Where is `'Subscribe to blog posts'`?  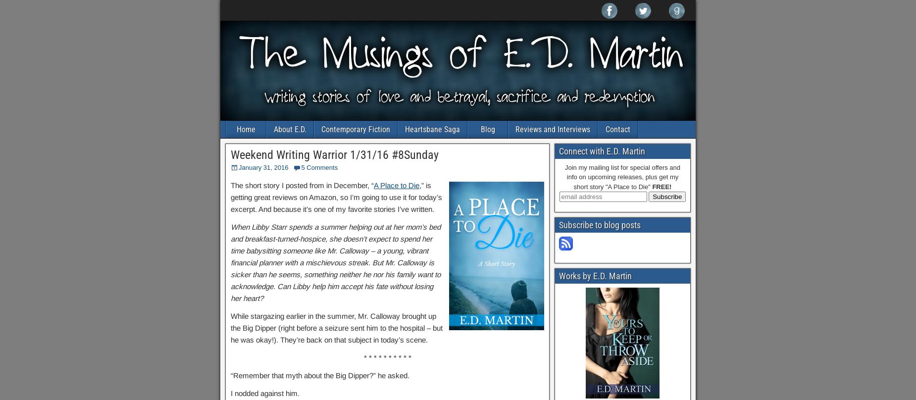 'Subscribe to blog posts' is located at coordinates (559, 225).